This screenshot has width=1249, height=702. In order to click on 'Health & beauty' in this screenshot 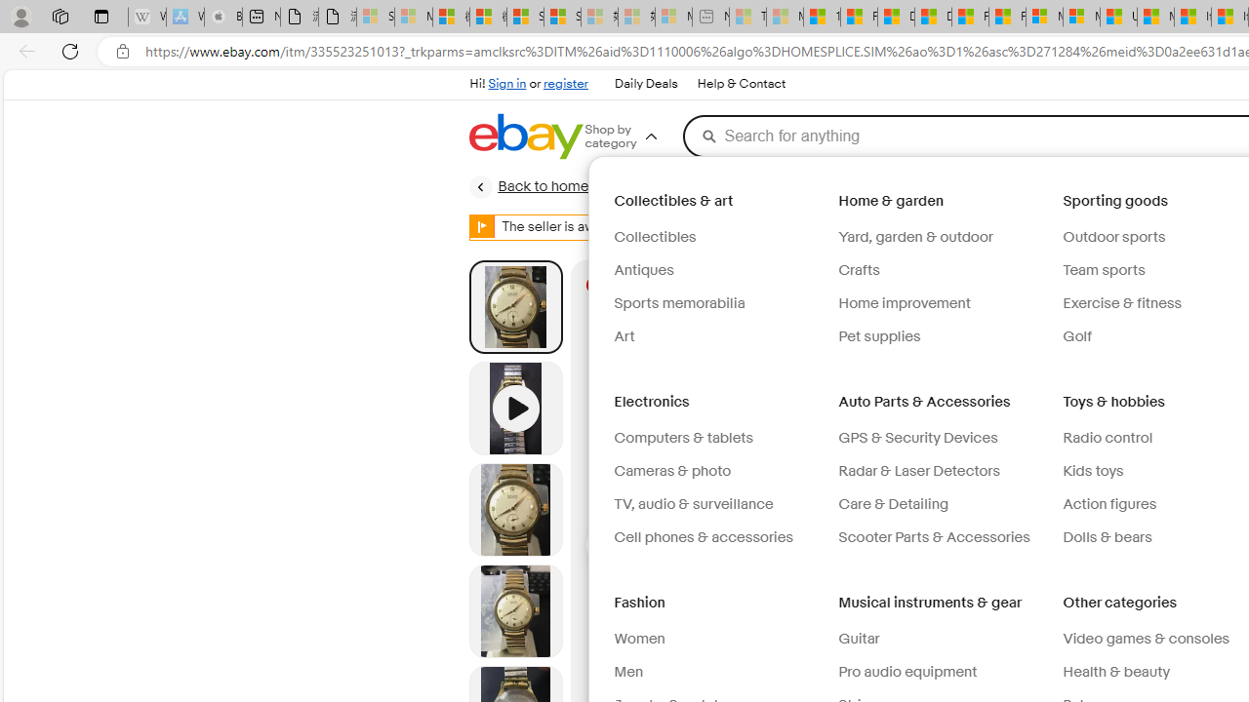, I will do `click(1116, 671)`.